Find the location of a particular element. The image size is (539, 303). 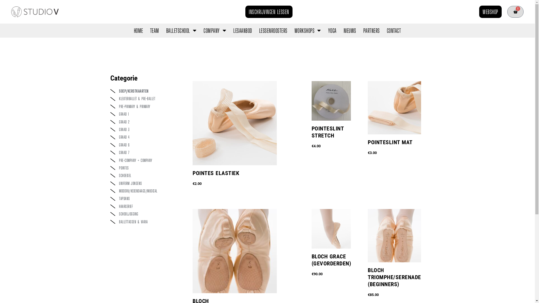

'POINTES' is located at coordinates (145, 167).